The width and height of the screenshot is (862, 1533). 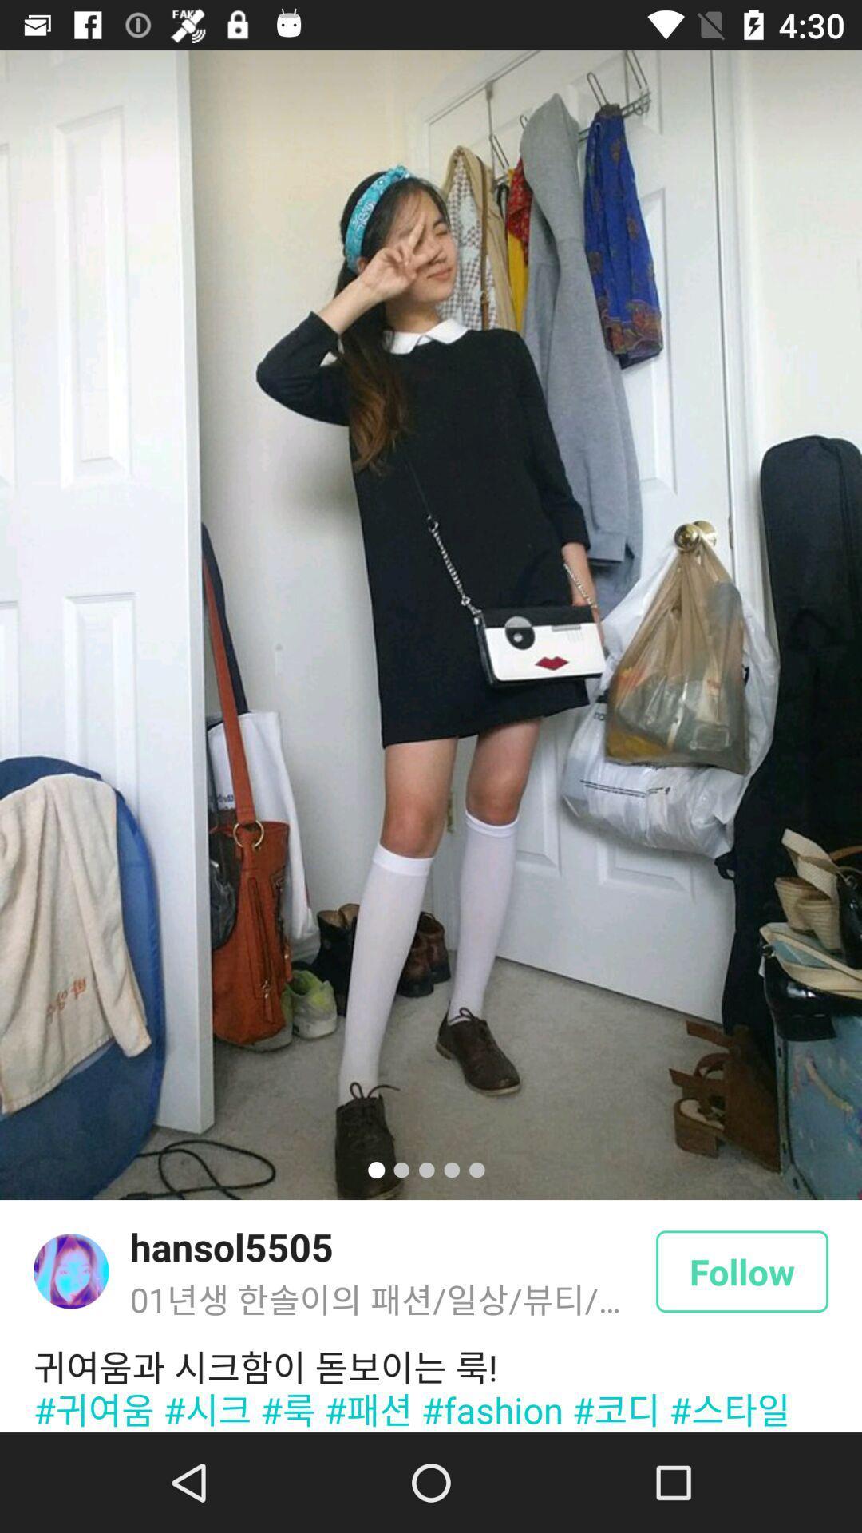 I want to click on the hansol5505 item, so click(x=231, y=1246).